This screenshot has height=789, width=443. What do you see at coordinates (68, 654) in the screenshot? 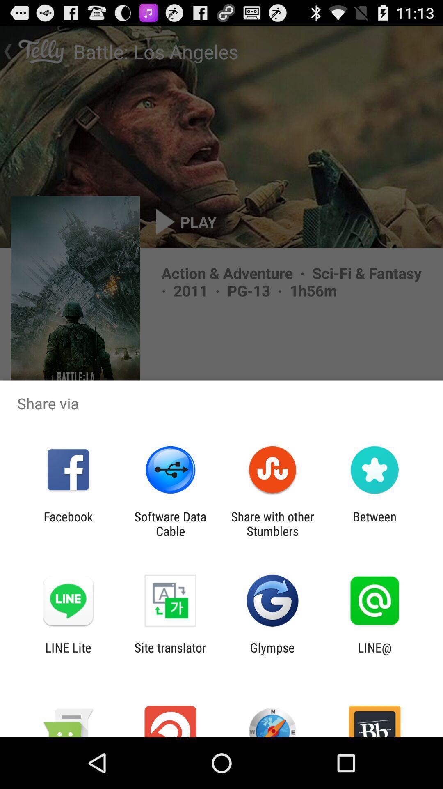
I see `the line lite` at bounding box center [68, 654].